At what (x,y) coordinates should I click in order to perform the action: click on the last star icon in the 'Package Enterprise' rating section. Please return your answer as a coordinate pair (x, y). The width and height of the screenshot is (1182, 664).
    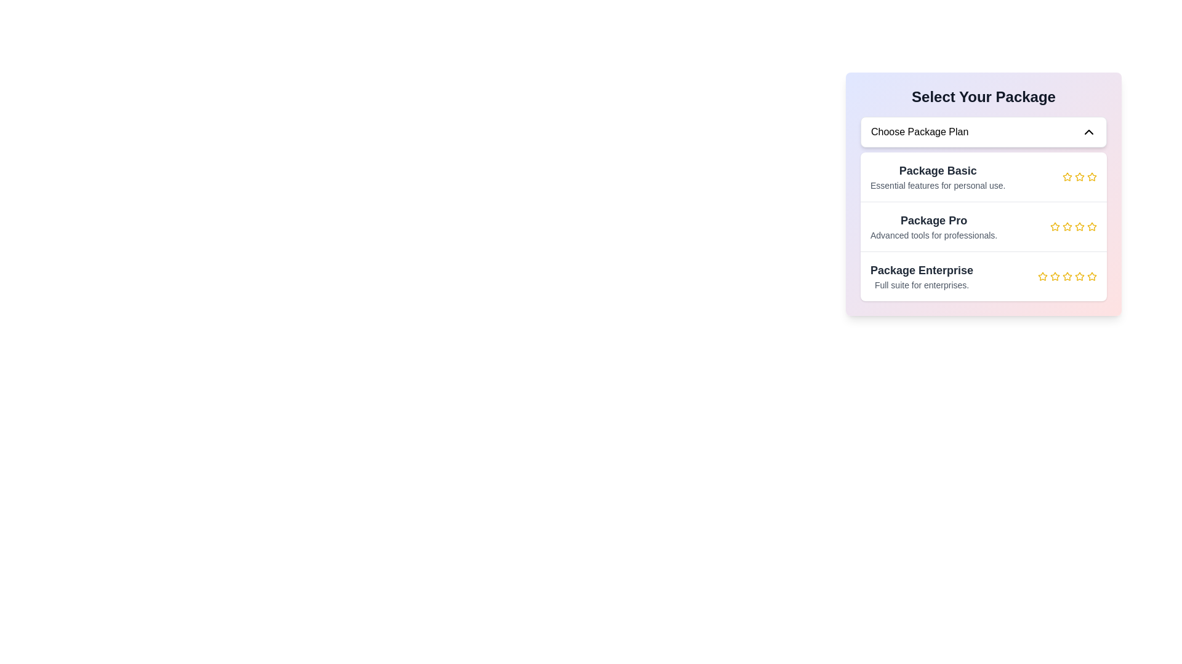
    Looking at the image, I should click on (1066, 275).